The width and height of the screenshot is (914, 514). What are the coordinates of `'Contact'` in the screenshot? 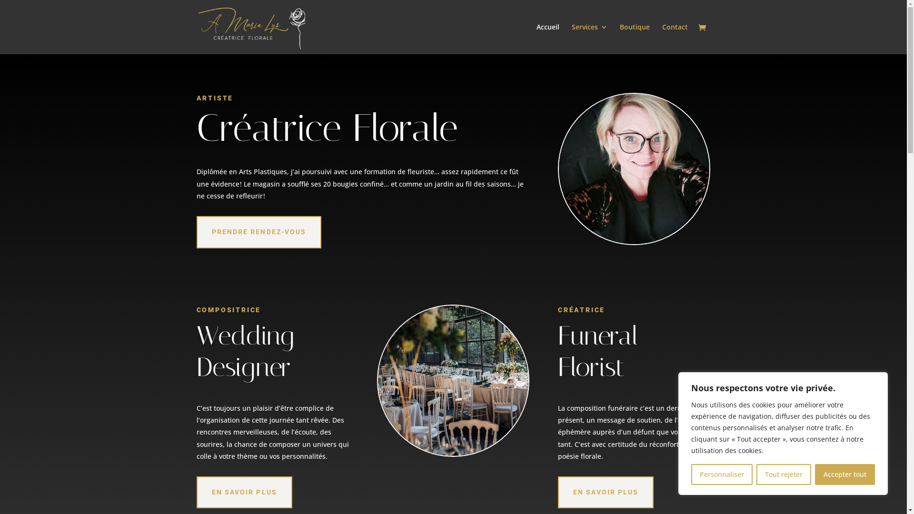 It's located at (674, 38).